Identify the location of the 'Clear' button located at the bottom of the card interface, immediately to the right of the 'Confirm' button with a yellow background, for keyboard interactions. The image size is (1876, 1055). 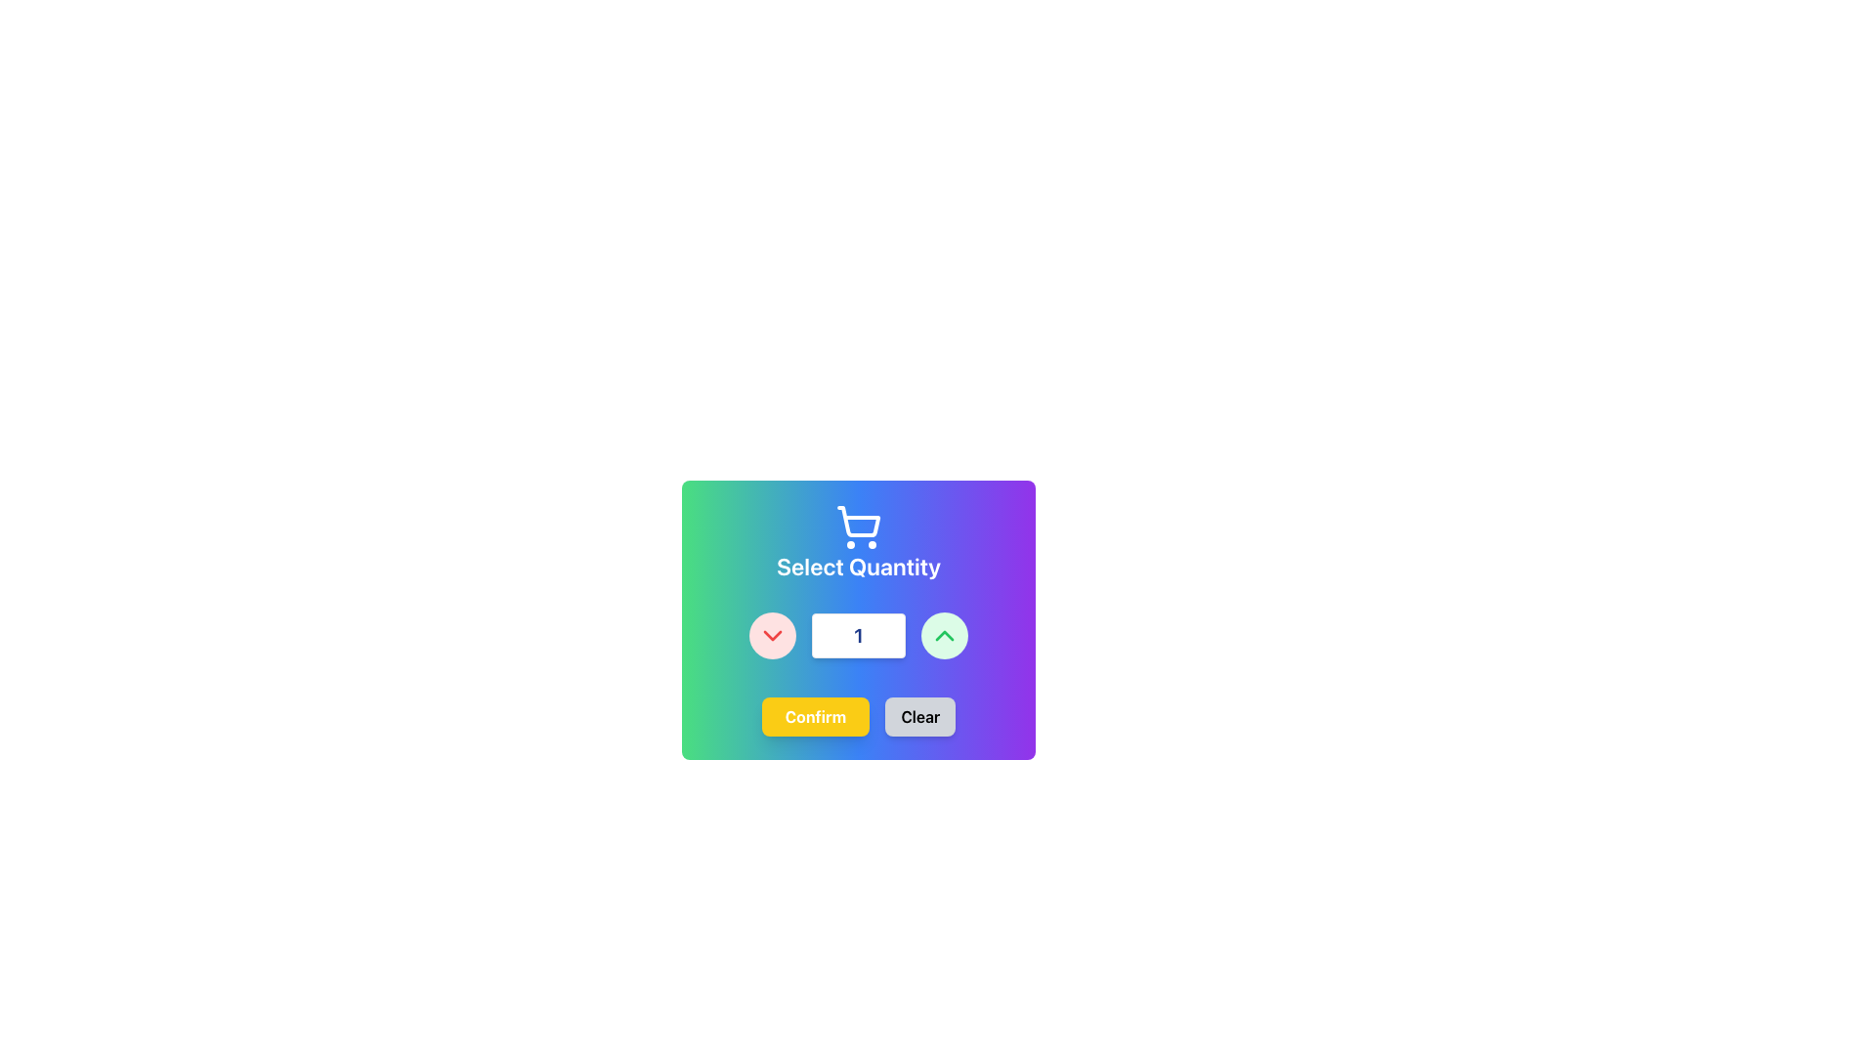
(919, 716).